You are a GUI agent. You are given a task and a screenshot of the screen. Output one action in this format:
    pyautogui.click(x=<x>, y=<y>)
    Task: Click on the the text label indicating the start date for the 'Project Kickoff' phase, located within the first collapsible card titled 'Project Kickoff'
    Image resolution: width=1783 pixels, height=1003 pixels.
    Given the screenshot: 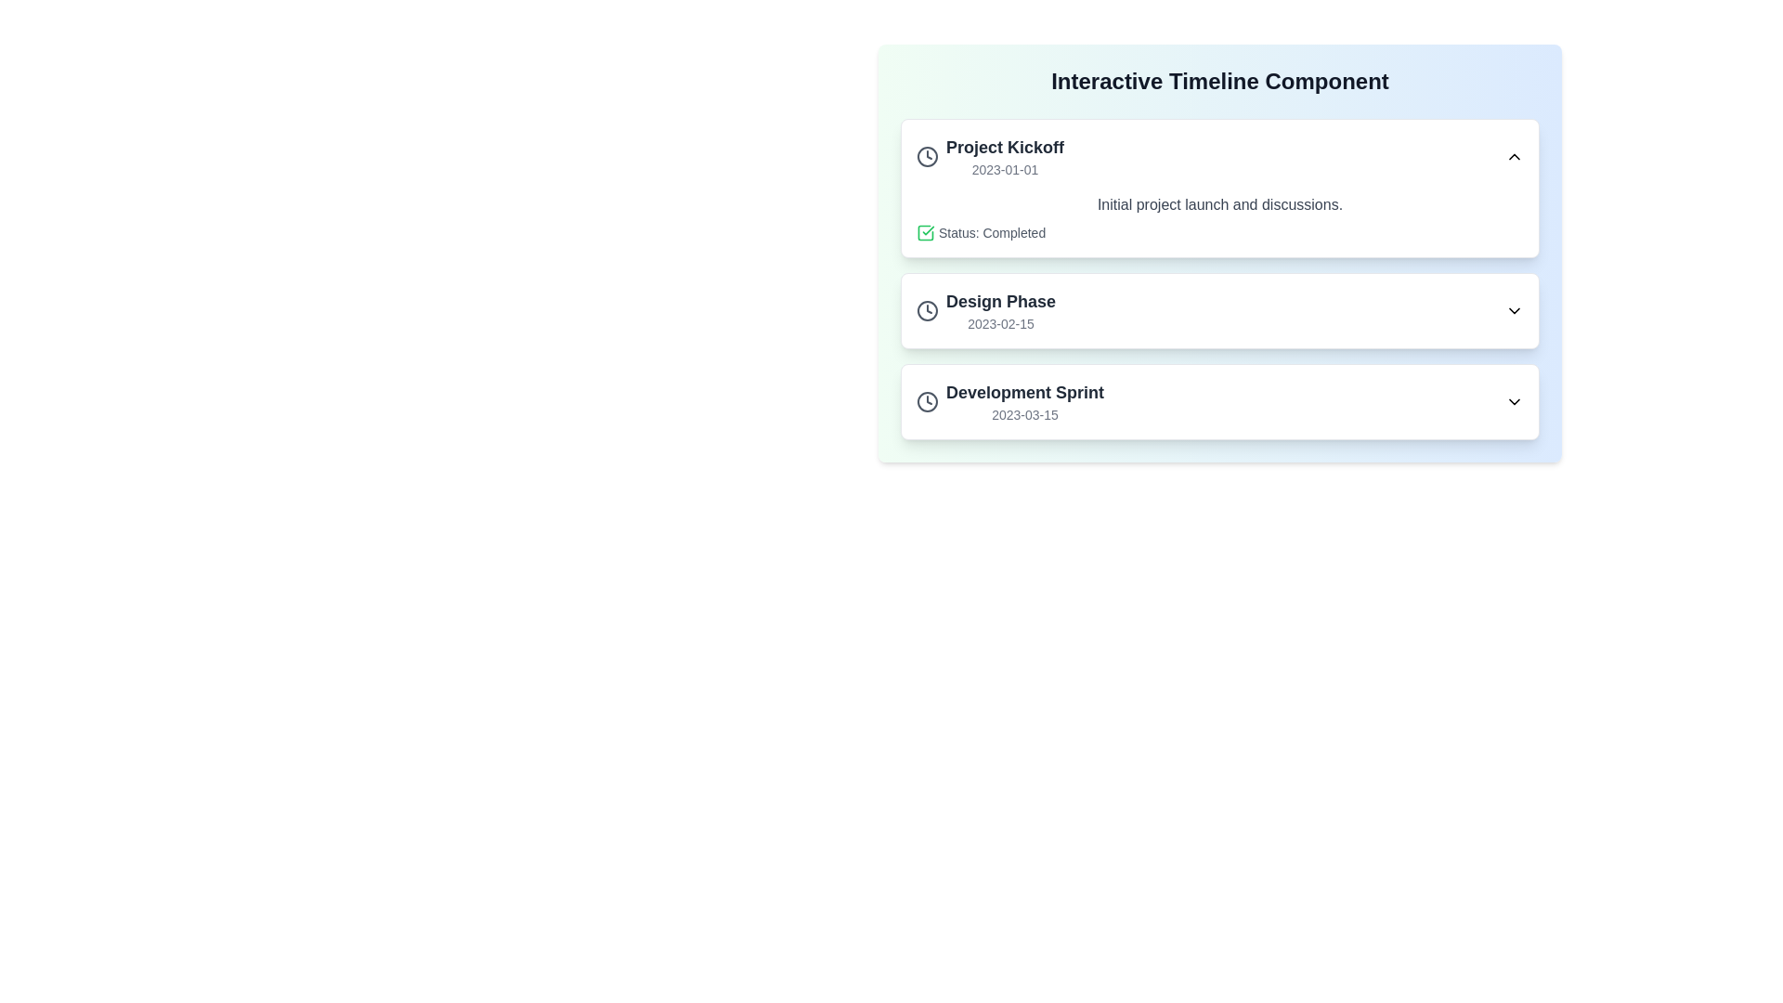 What is the action you would take?
    pyautogui.click(x=1004, y=169)
    